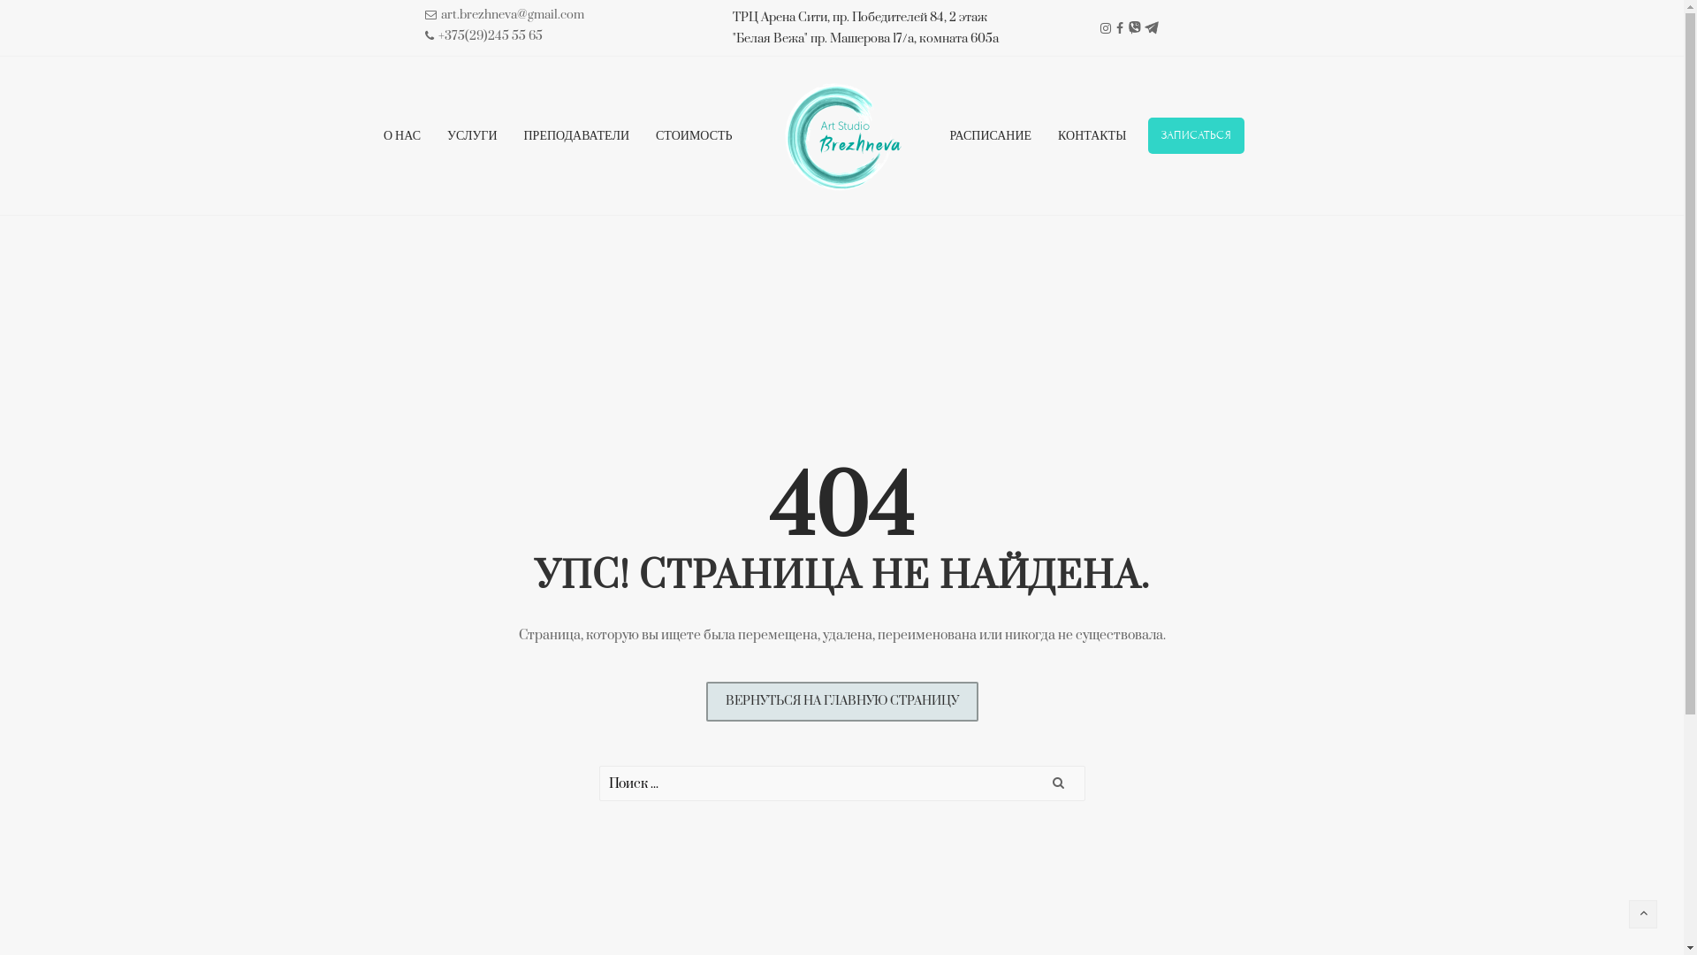  Describe the element at coordinates (1115, 27) in the screenshot. I see `'Facebook'` at that location.